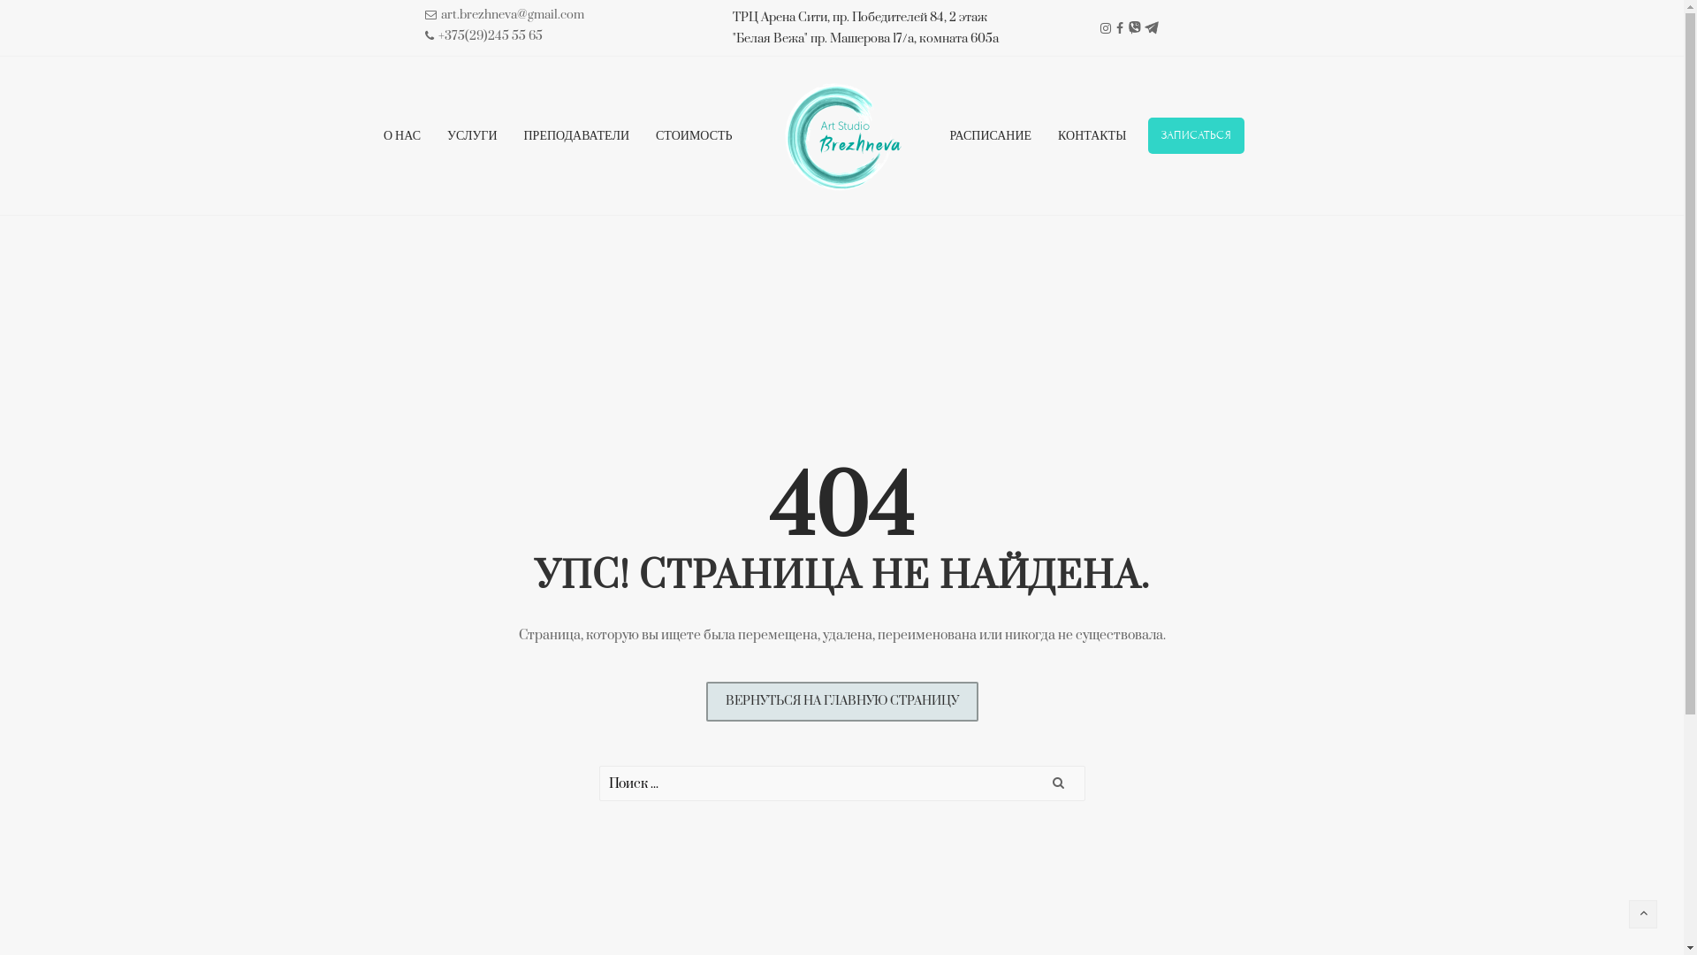  Describe the element at coordinates (1115, 27) in the screenshot. I see `'Facebook'` at that location.